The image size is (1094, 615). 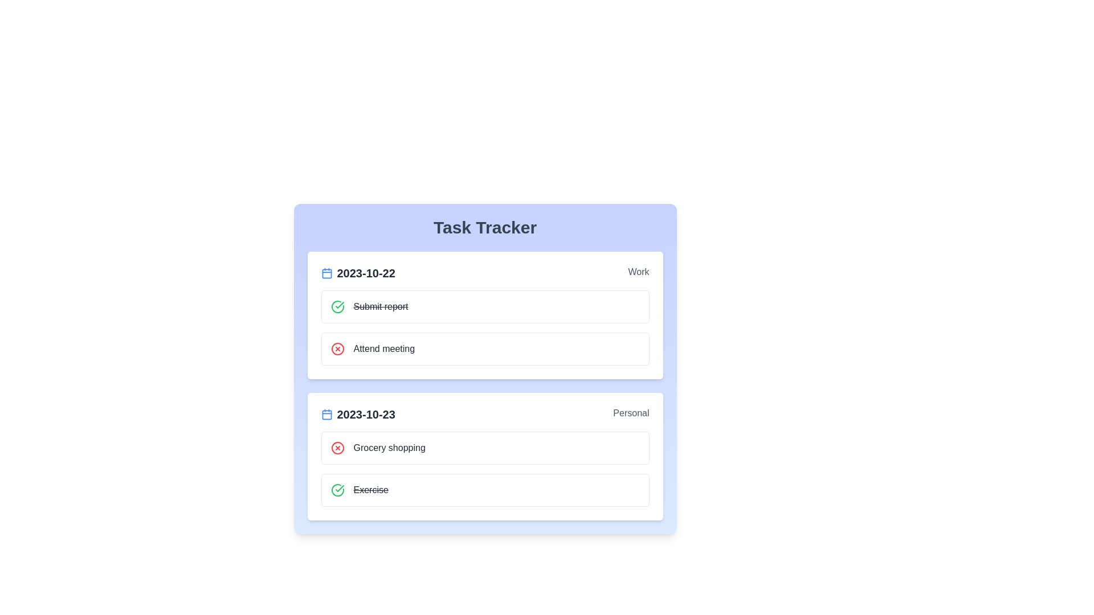 I want to click on the icon corresponding to Exercise to display its tooltip, so click(x=337, y=489).